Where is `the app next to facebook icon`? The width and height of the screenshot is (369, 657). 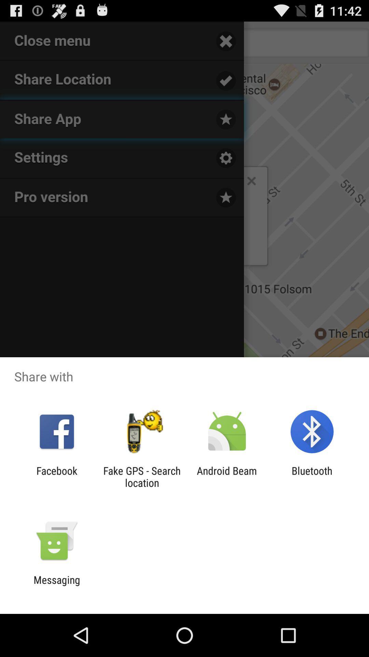 the app next to facebook icon is located at coordinates (141, 476).